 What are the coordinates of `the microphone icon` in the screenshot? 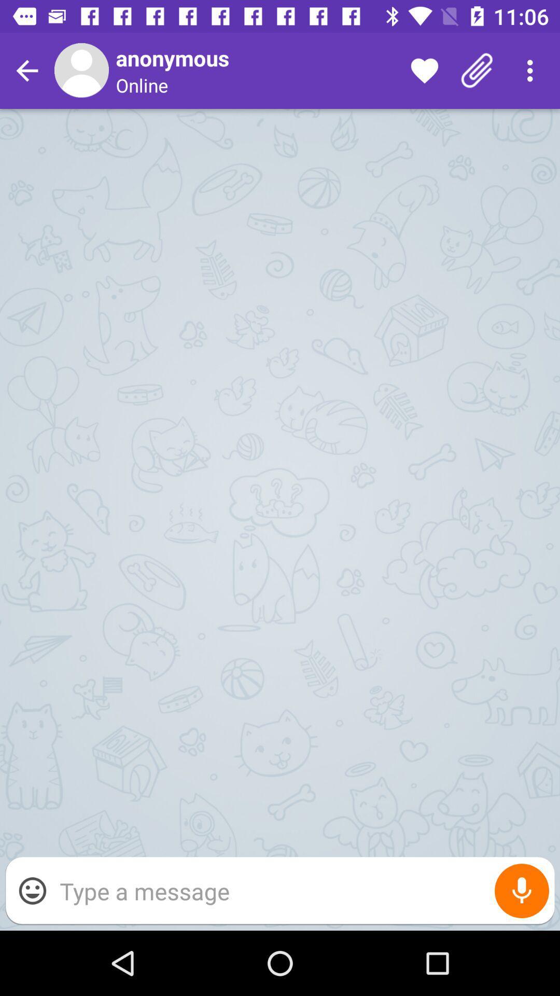 It's located at (522, 890).